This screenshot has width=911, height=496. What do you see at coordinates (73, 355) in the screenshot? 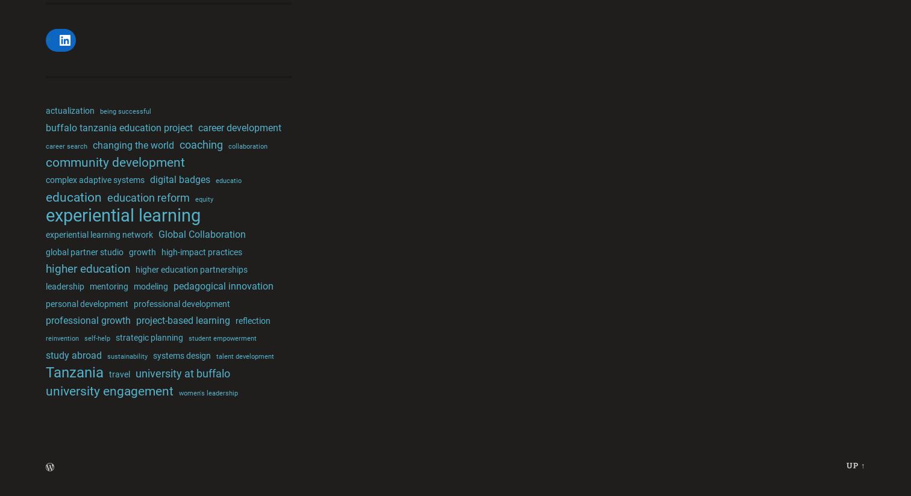
I see `'study abroad'` at bounding box center [73, 355].